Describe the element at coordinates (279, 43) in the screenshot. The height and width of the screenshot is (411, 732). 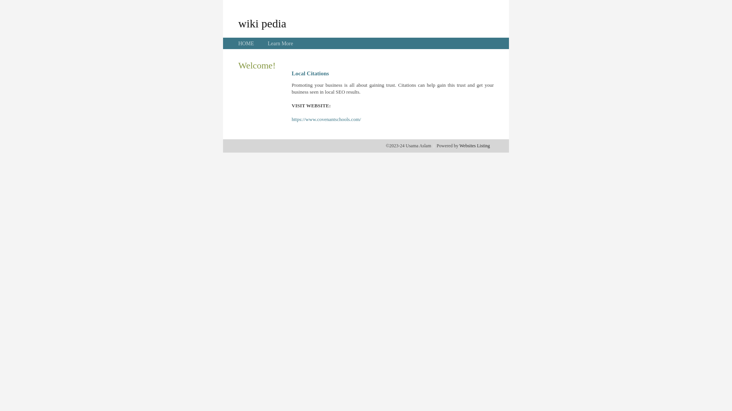
I see `'Learn More'` at that location.